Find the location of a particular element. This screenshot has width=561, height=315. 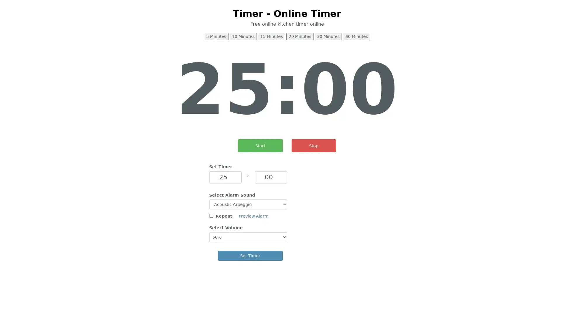

Stop is located at coordinates (313, 145).